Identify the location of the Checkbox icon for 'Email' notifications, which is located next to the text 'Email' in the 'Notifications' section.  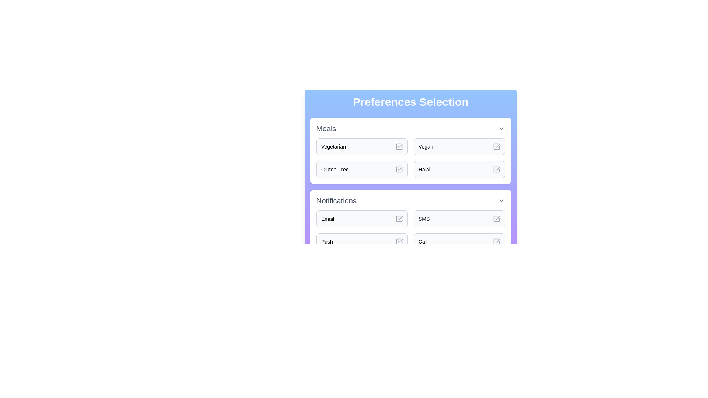
(399, 219).